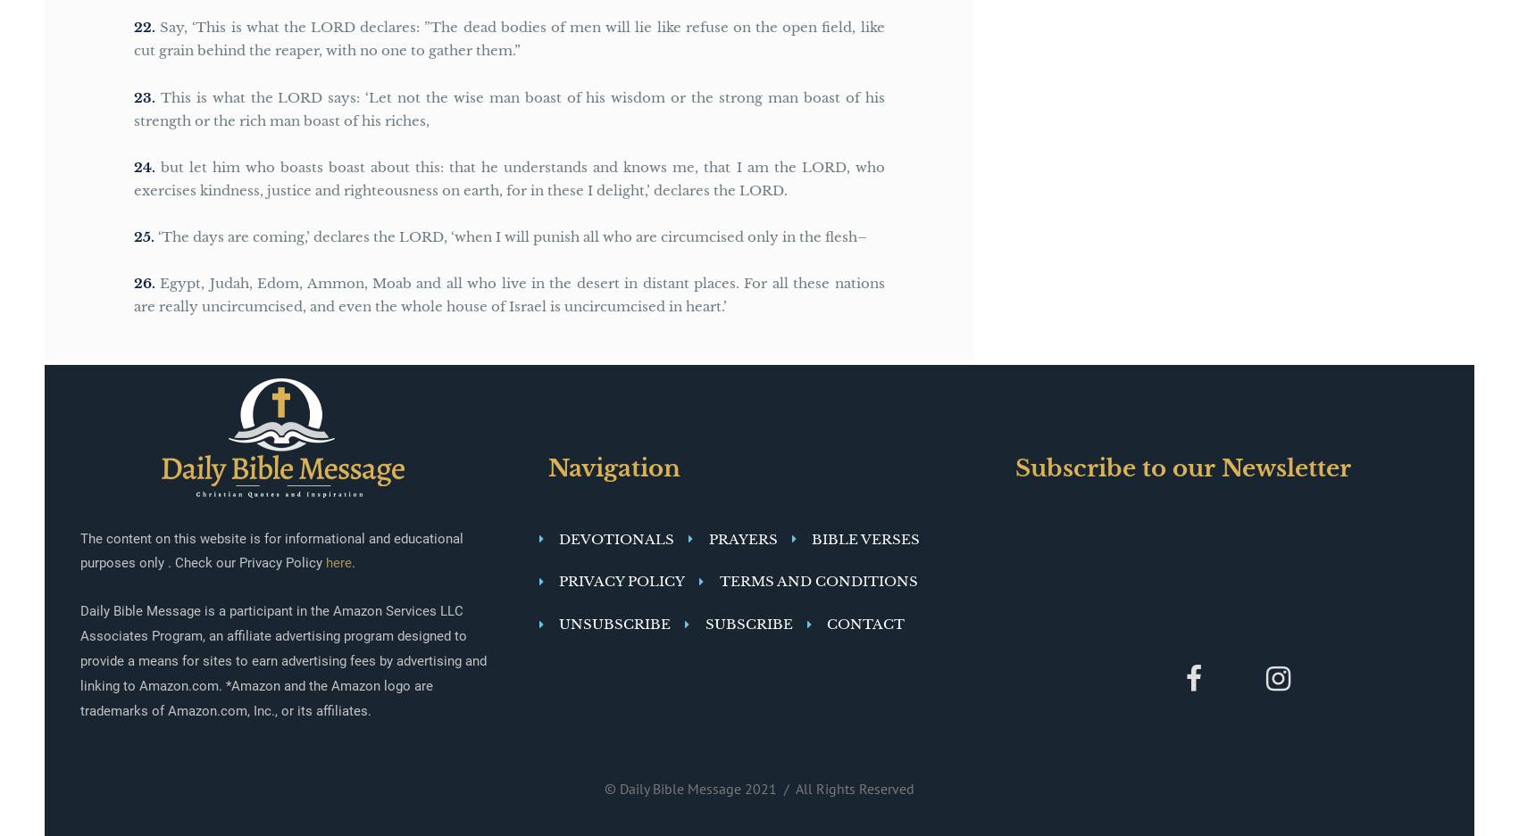 This screenshot has height=836, width=1519. I want to click on 'Contact', so click(864, 624).